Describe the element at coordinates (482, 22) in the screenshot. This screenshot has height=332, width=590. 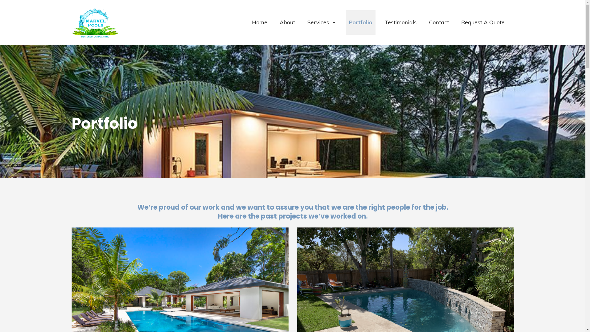
I see `'Request A Quote'` at that location.